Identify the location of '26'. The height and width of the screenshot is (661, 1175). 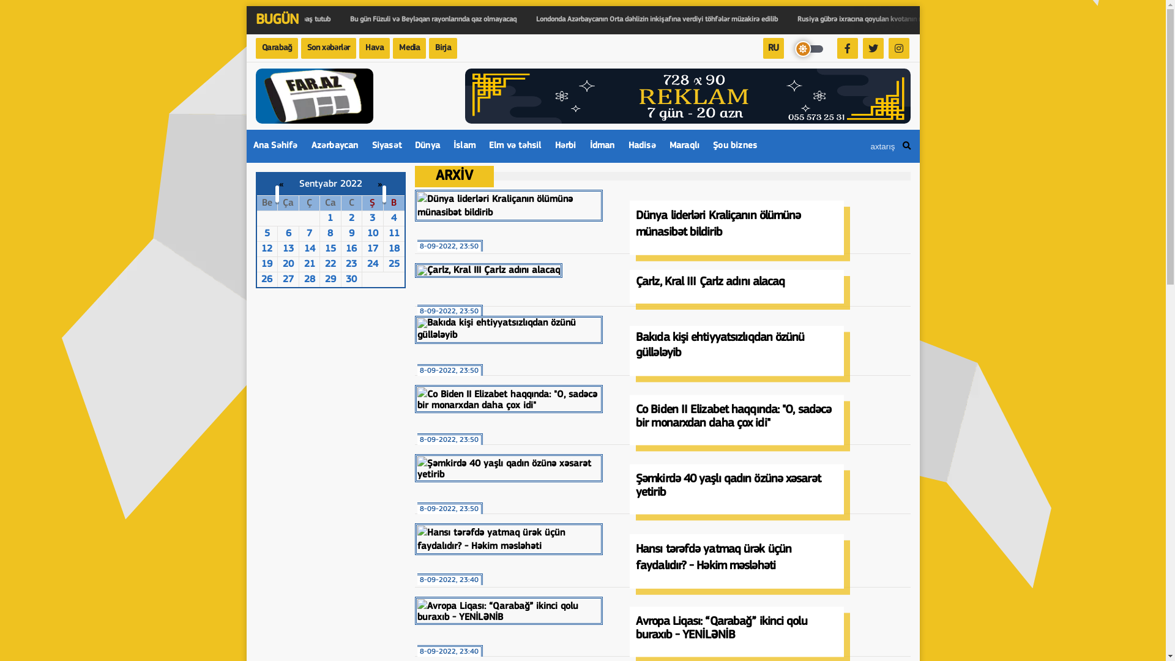
(266, 279).